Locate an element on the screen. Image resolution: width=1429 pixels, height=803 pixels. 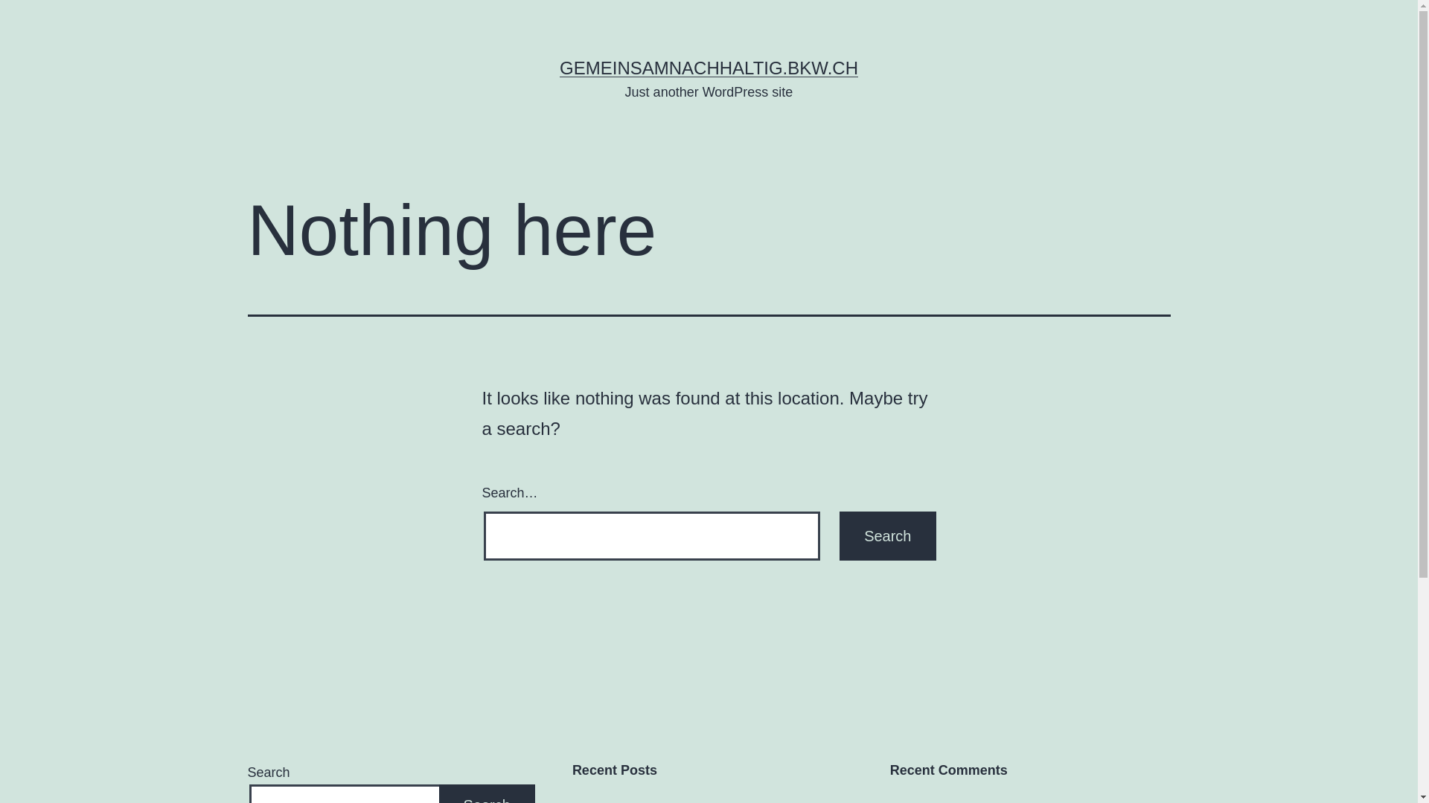
'GEMEINSAMNACHHALTIG.BKW.CH' is located at coordinates (708, 68).